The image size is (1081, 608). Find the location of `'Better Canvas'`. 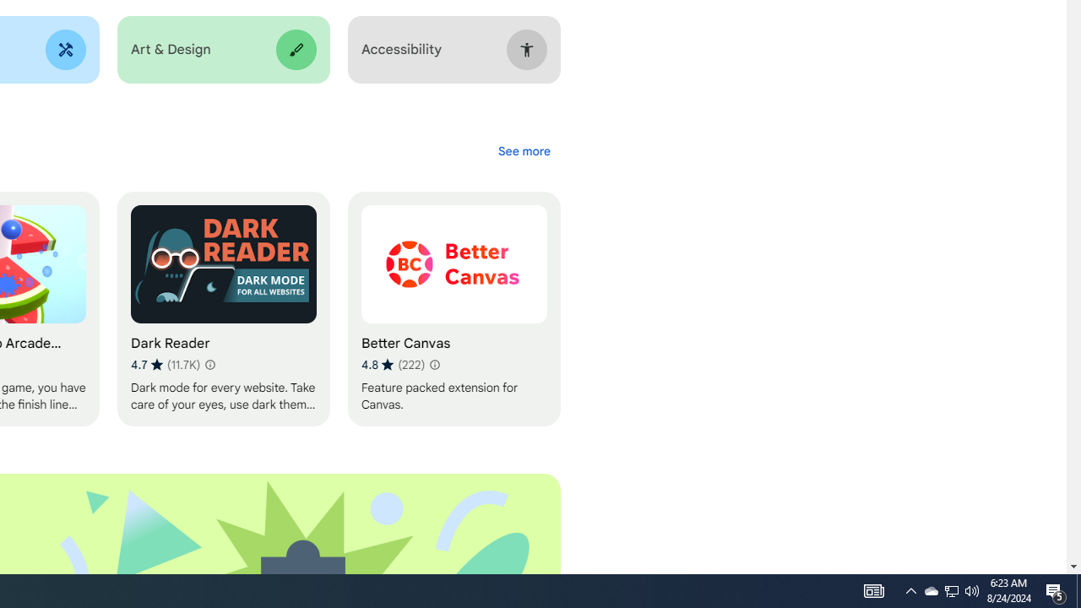

'Better Canvas' is located at coordinates (454, 309).